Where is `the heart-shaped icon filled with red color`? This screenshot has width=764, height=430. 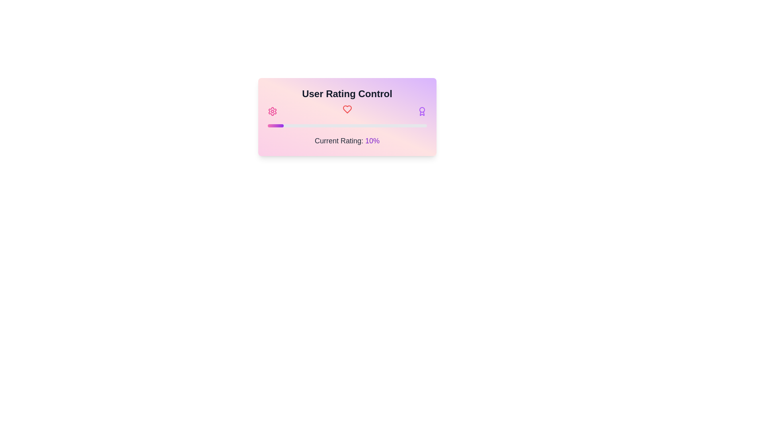
the heart-shaped icon filled with red color is located at coordinates (347, 110).